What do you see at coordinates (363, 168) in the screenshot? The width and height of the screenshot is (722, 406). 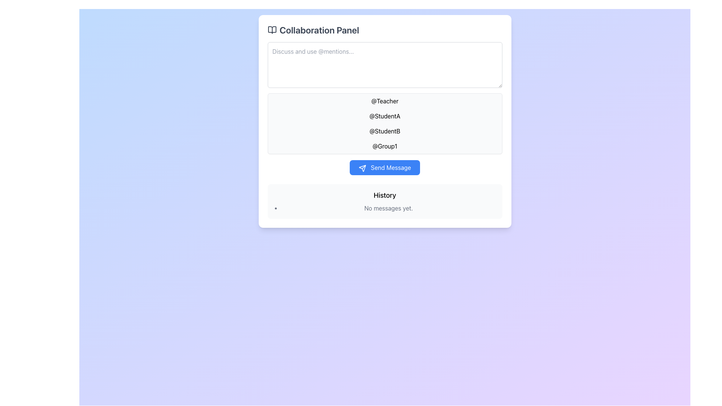 I see `the triangular icon with a blue stroke, which resembles an arrow tip, located within the 'Send Message' button at the bottom of the collaboration panel` at bounding box center [363, 168].